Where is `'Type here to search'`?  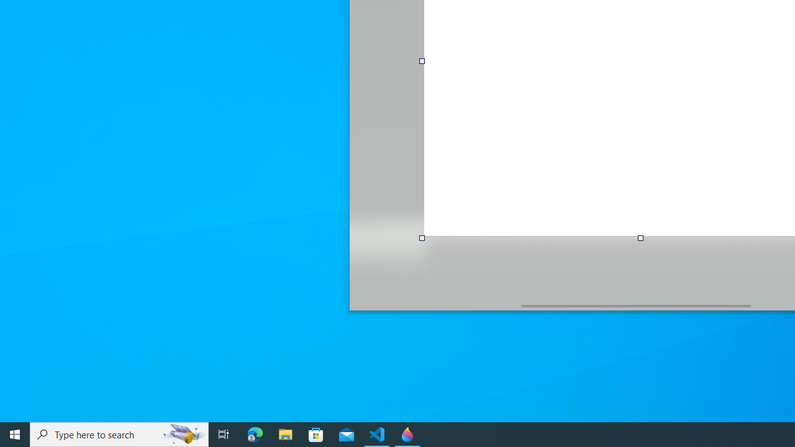
'Type here to search' is located at coordinates (119, 433).